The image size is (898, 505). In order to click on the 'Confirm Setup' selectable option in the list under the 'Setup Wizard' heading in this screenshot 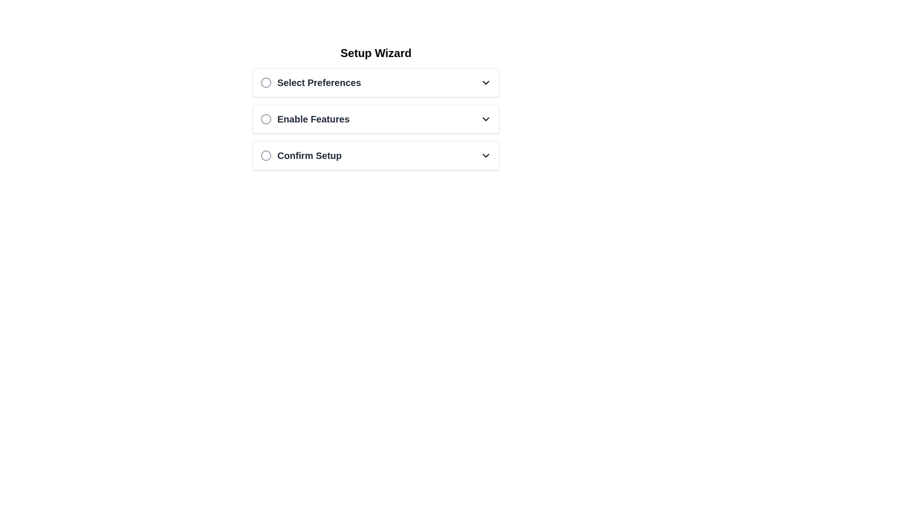, I will do `click(301, 155)`.